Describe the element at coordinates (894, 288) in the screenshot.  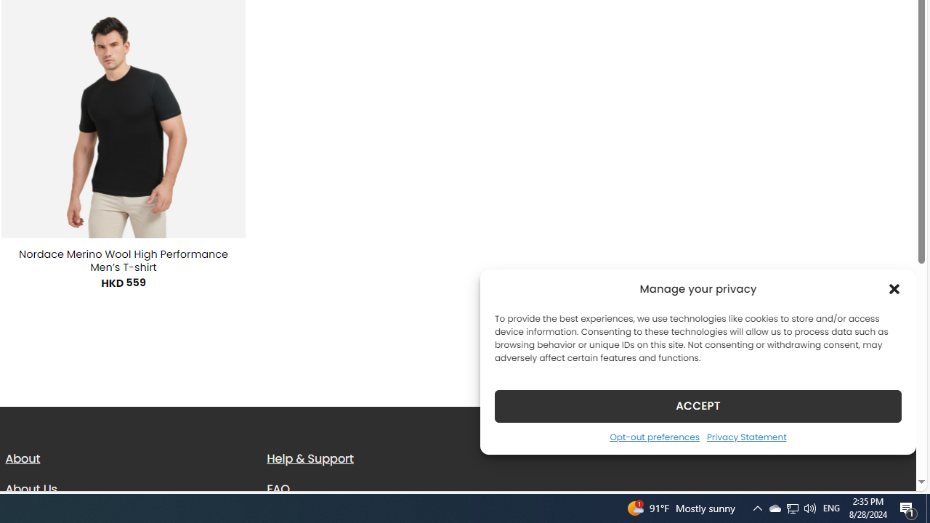
I see `'Class: cmplz-close'` at that location.